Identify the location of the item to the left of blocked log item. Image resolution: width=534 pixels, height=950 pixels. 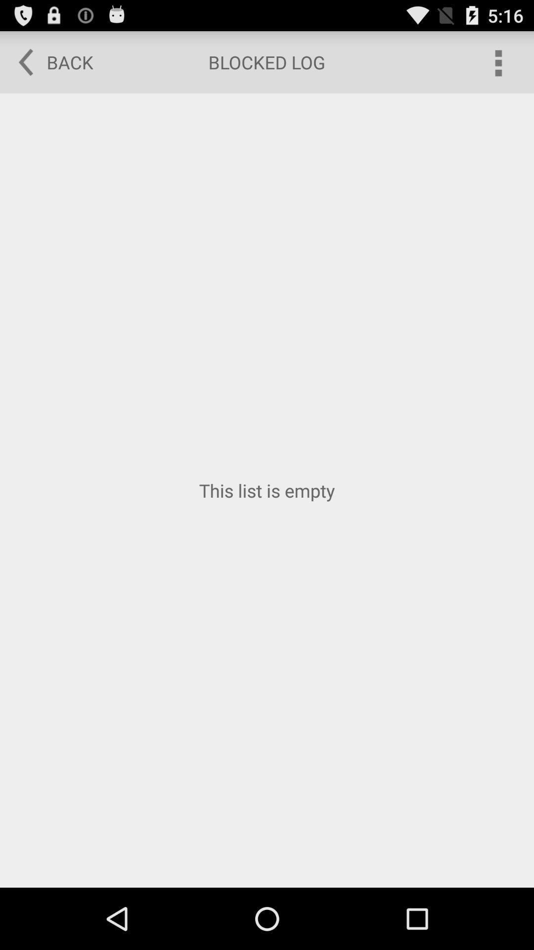
(49, 61).